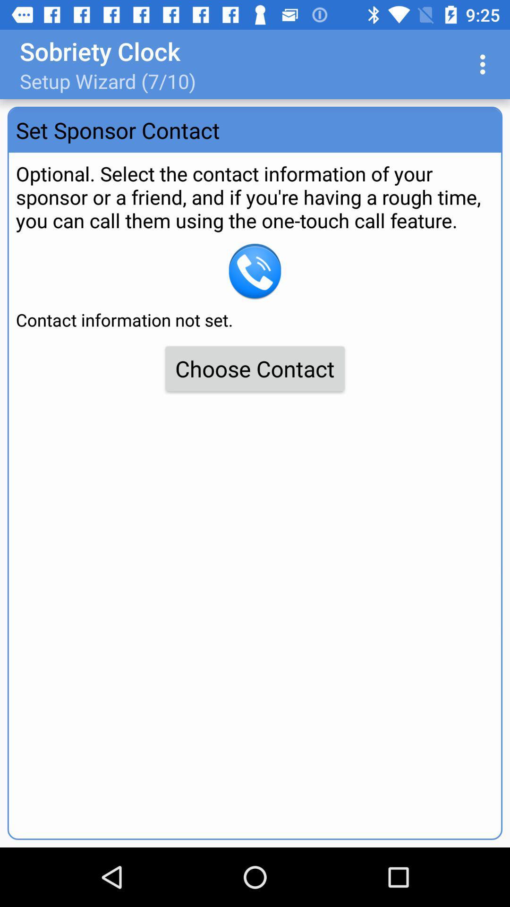  I want to click on the item at the center, so click(255, 368).